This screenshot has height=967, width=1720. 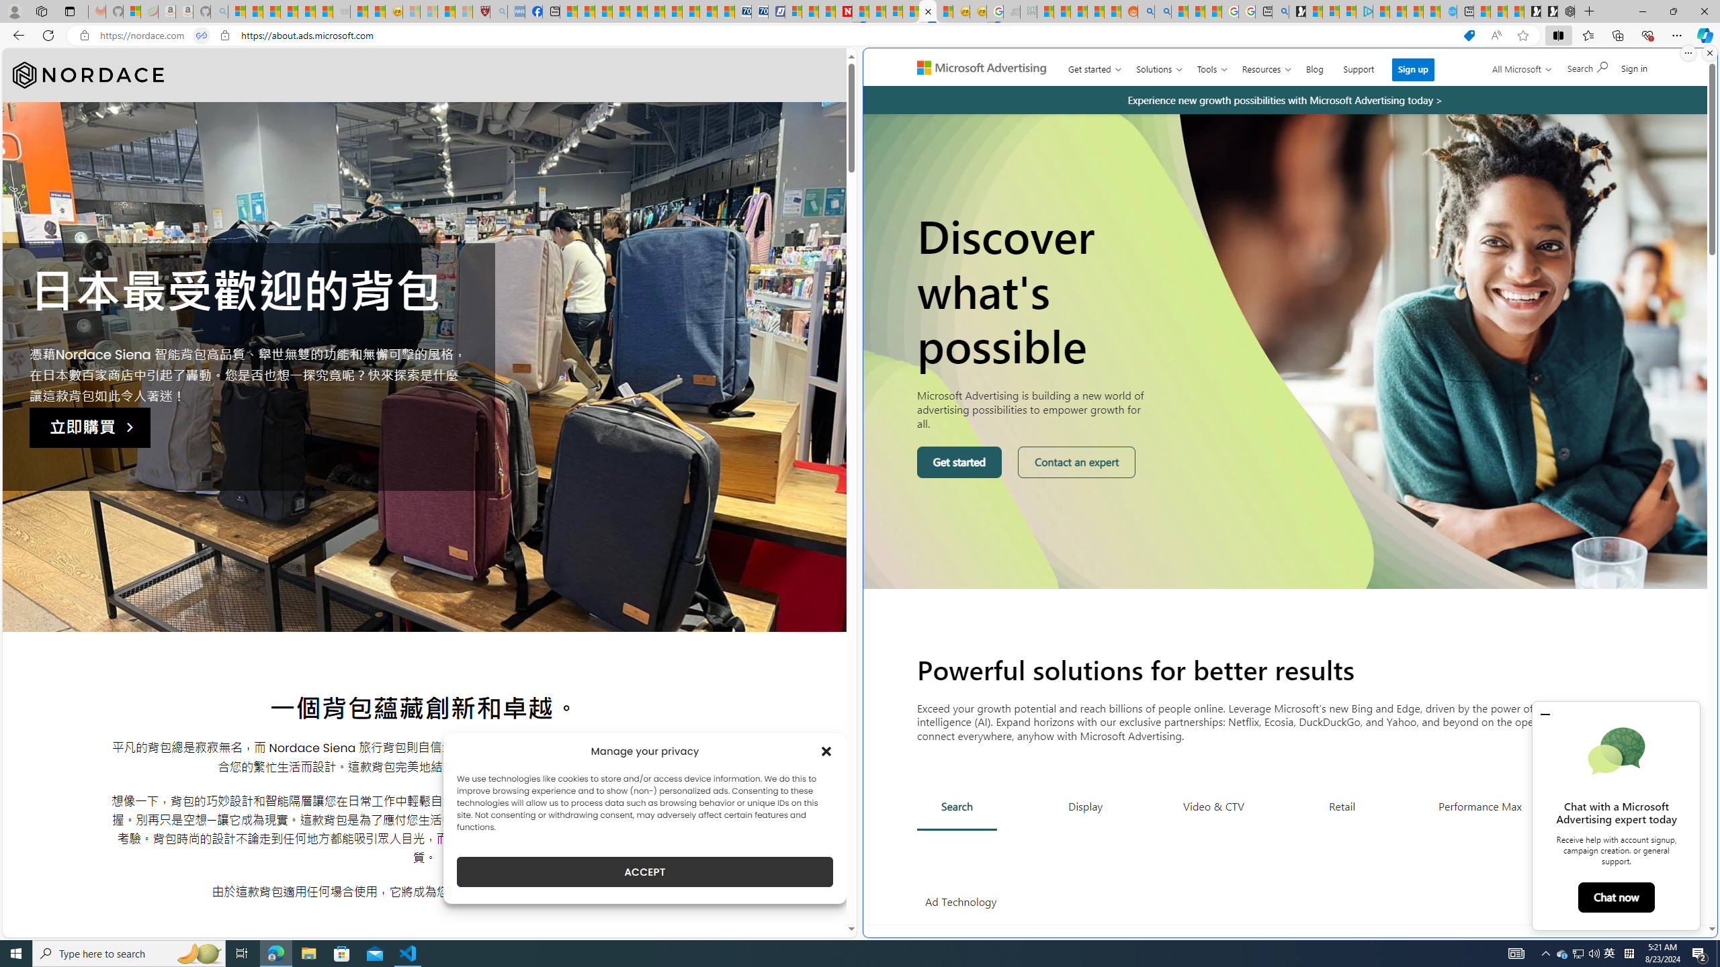 I want to click on 'New Report Confirms 2023 Was Record Hot | Watch', so click(x=306, y=11).